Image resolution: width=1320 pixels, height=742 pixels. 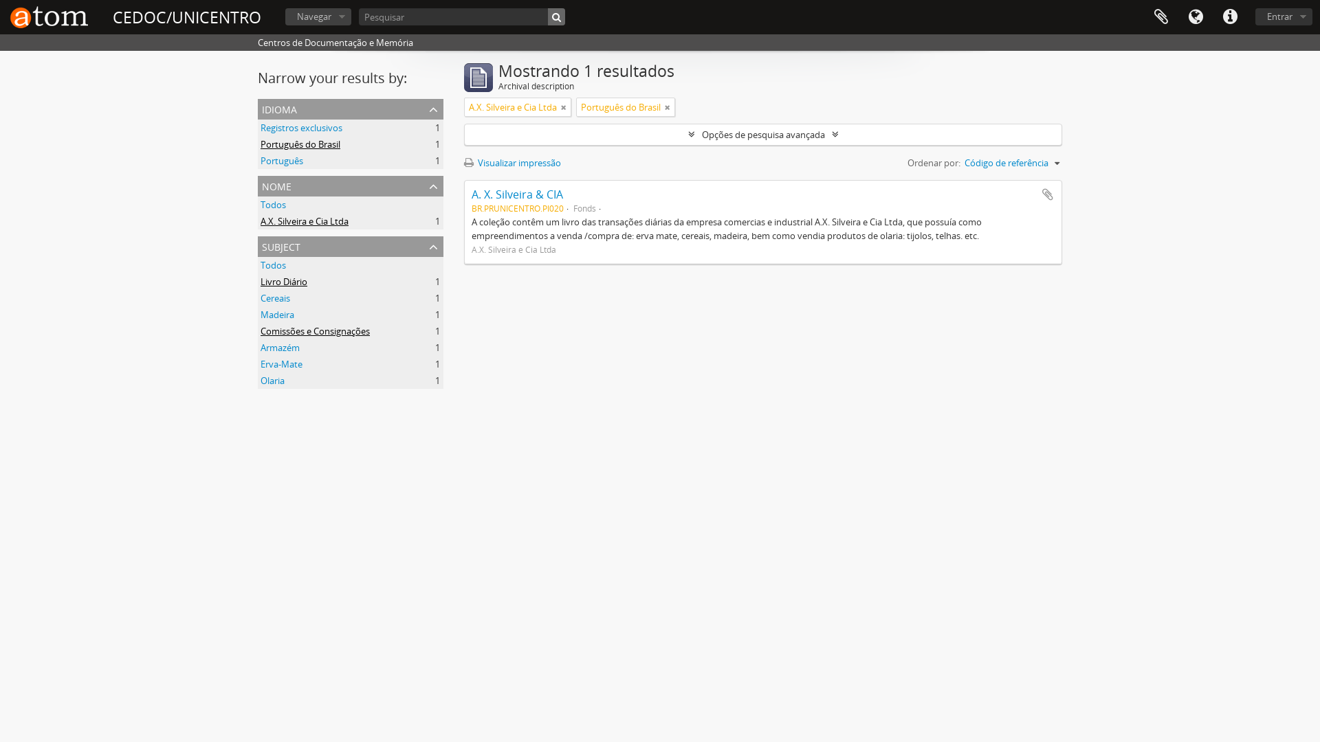 What do you see at coordinates (350, 108) in the screenshot?
I see `'idioma'` at bounding box center [350, 108].